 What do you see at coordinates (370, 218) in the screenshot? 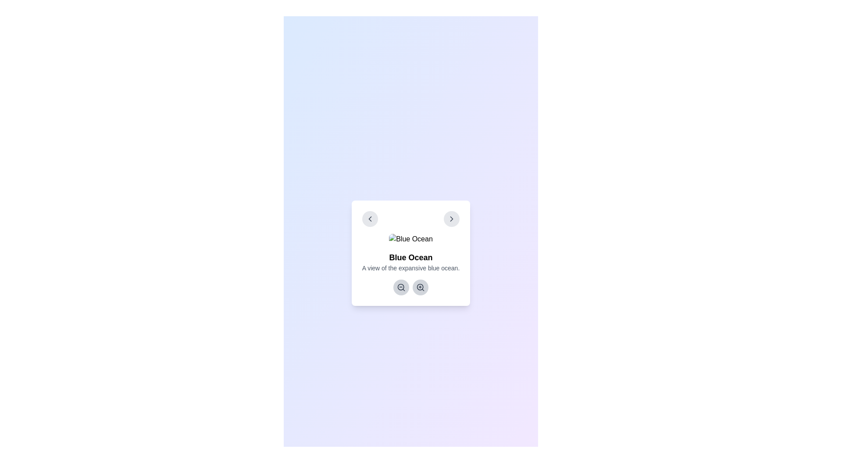
I see `the rounded button with a light gray background and a left-pointing chevron icon at its center` at bounding box center [370, 218].